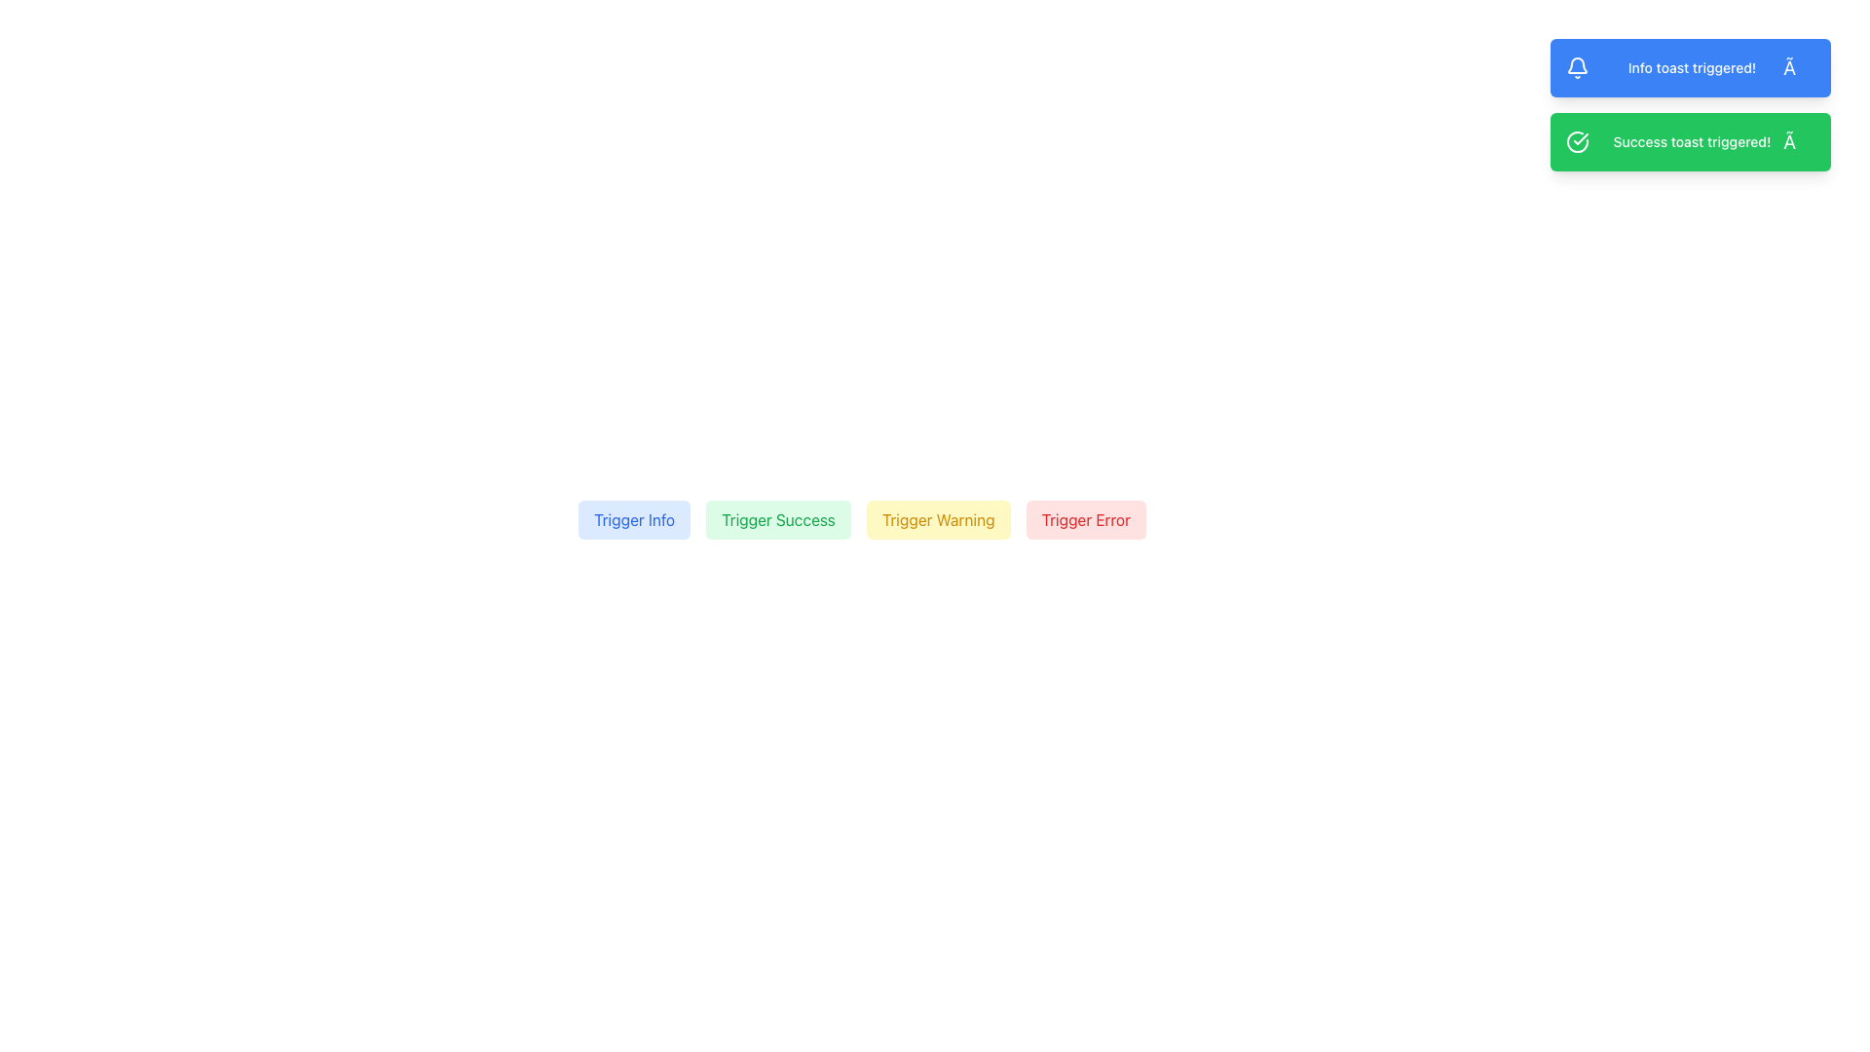 This screenshot has height=1052, width=1870. I want to click on the fourth button in the horizontal set of buttons, so click(1085, 518).